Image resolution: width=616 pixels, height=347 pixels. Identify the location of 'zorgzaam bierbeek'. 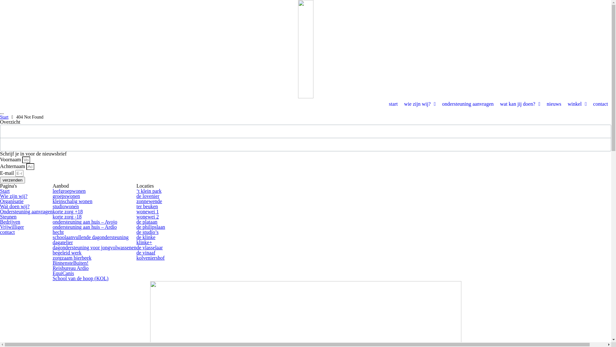
(52, 257).